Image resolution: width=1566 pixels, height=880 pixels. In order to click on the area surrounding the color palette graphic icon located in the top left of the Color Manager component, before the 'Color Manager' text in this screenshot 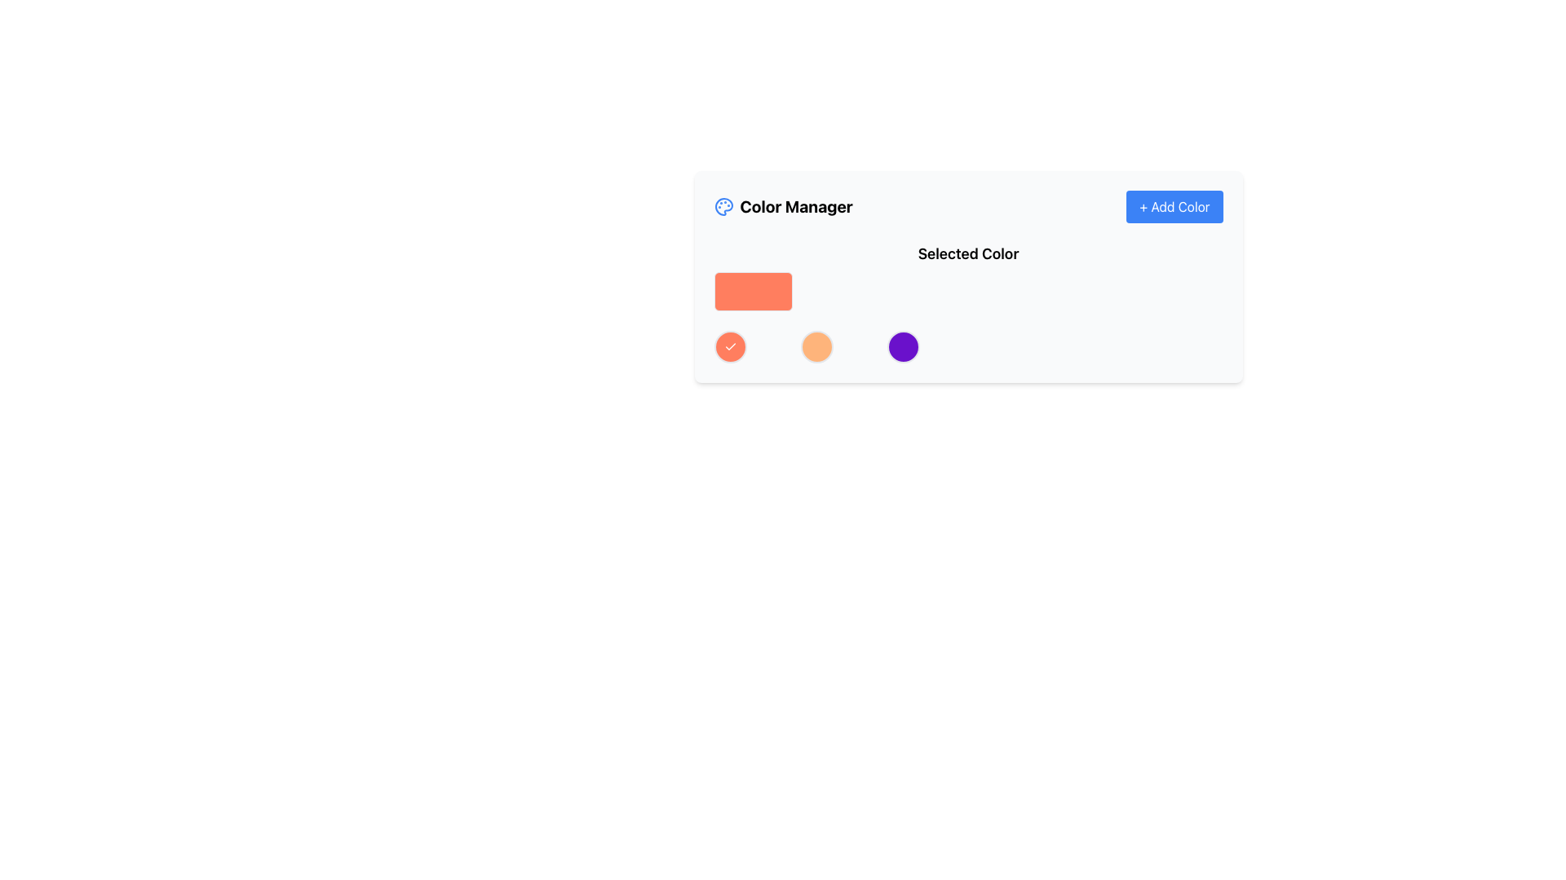, I will do `click(723, 206)`.